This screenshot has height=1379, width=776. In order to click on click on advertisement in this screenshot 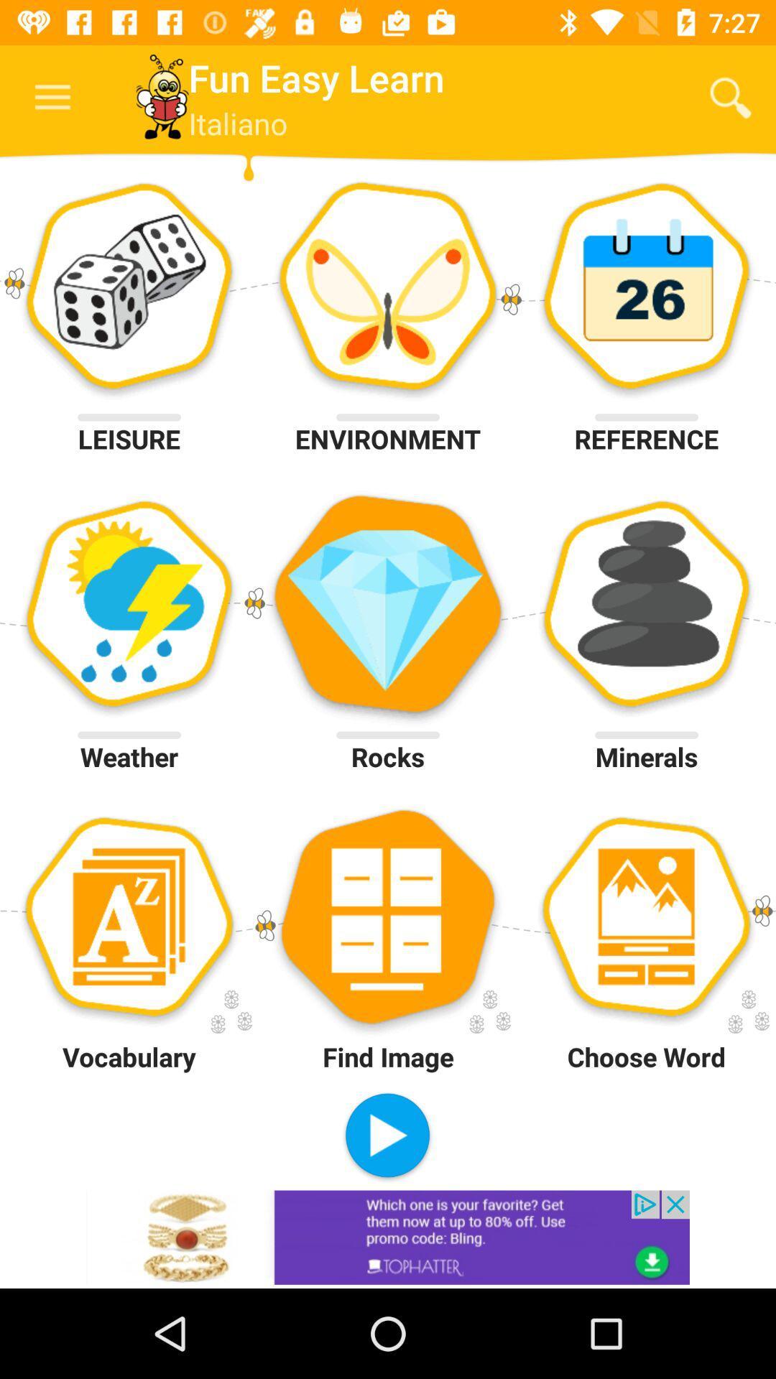, I will do `click(388, 1237)`.